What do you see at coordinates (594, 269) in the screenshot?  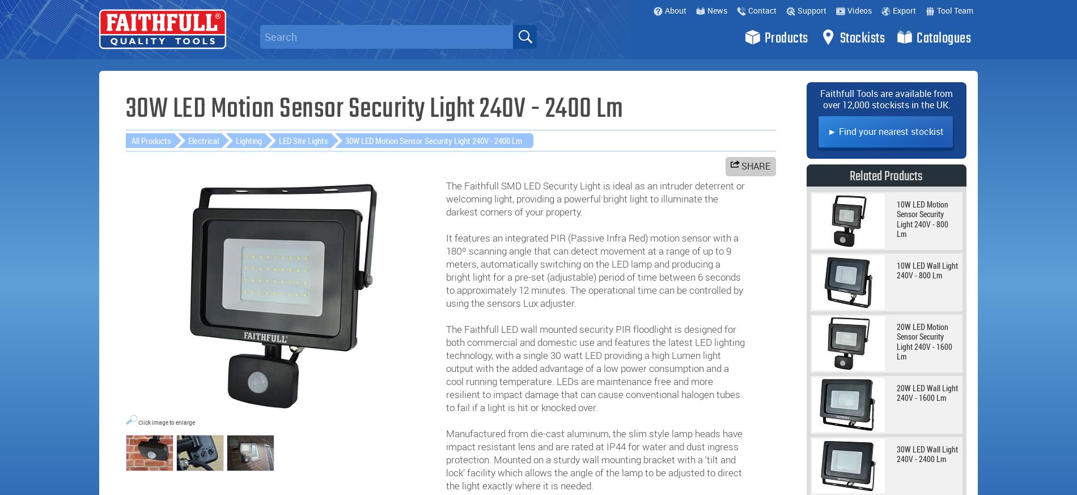 I see `'It features an integrated PIR (Passive Infra Red) motion sensor with a 180º scanning angle that can detect movement at a range of up to 9 meters, automatically switching on the LED lamp and producing a bright light for a pre-set (adjustable) period of time between 6 seconds to approximately 12 minutes. The operational time can be controlled by using the sensors Lux adjuster.'` at bounding box center [594, 269].